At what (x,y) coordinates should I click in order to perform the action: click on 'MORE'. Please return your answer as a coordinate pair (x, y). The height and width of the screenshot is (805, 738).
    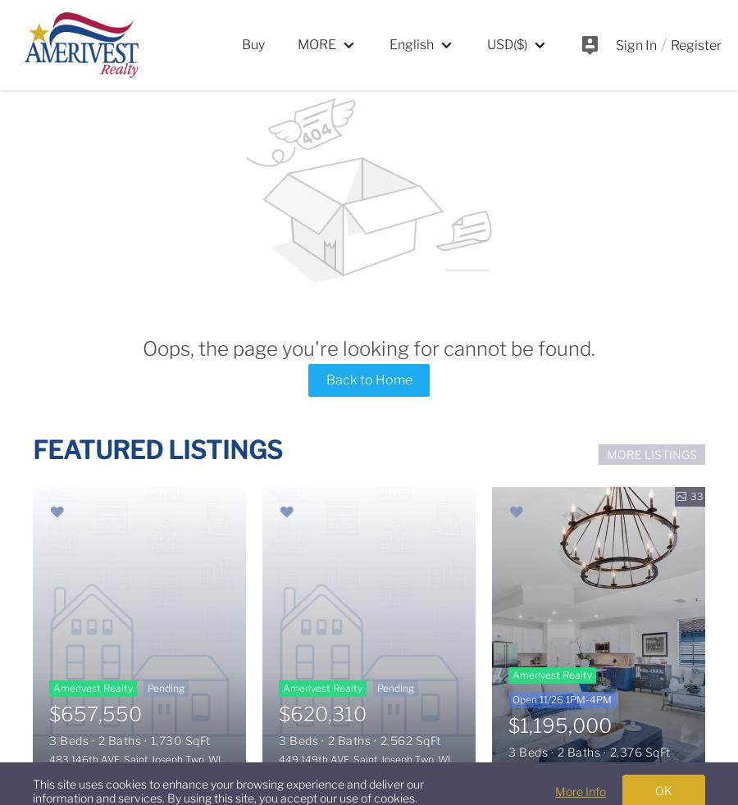
    Looking at the image, I should click on (317, 43).